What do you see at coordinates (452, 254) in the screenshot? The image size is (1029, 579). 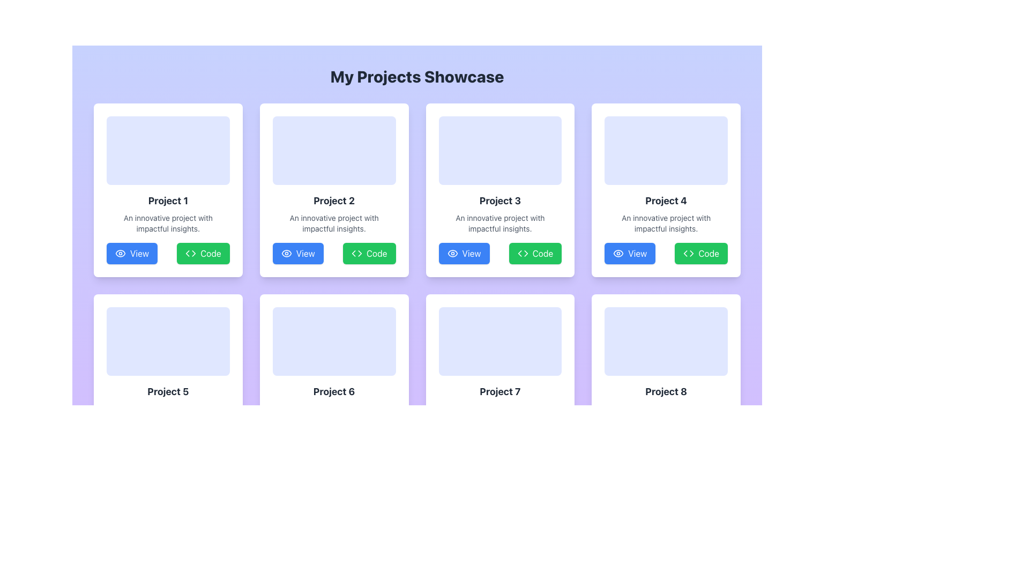 I see `the icon within the 'View' button of the 'Project 3' section, which is located to the left of the text labeled 'View'` at bounding box center [452, 254].